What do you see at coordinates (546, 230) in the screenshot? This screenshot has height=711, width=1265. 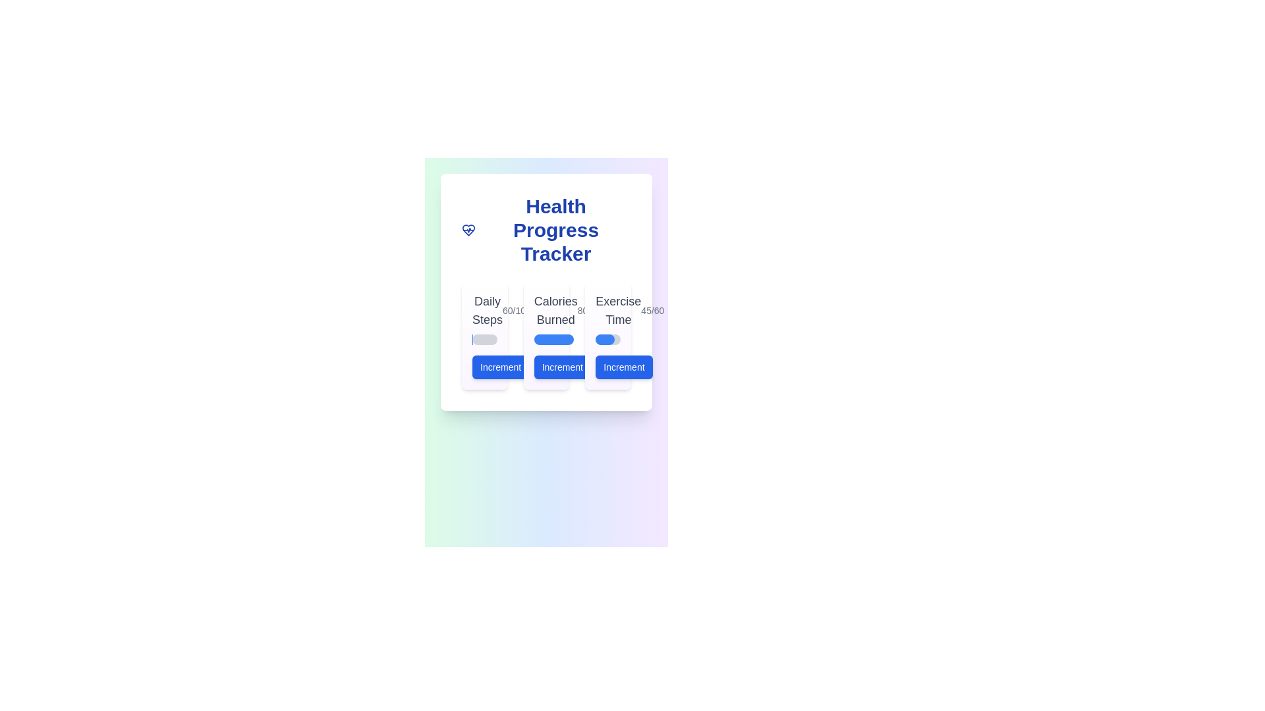 I see `the health tracking title text label with its accompanying icon, which indicates features related to health tracking and is located above the progress indicators for 'Daily Steps,' 'Calories Burned,' and 'Exercise Time.'` at bounding box center [546, 230].